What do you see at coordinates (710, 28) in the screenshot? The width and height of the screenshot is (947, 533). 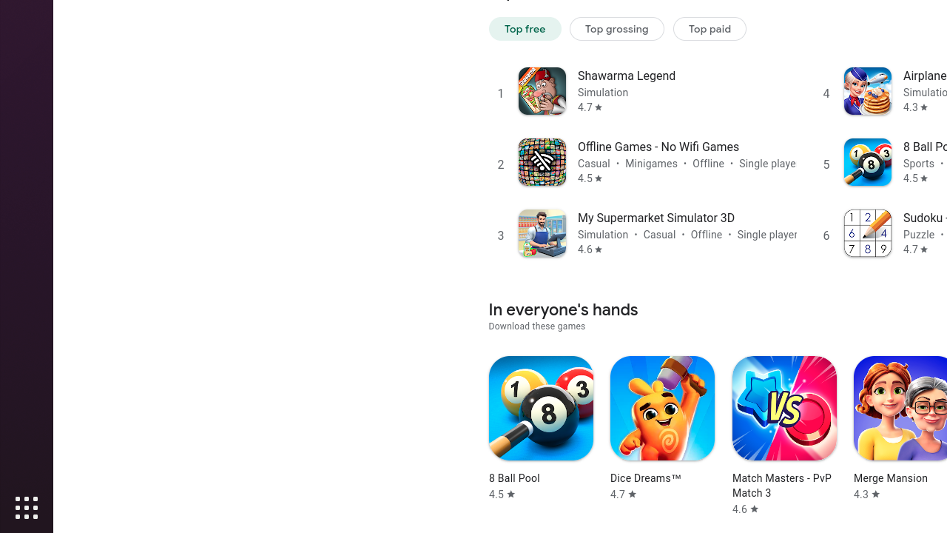 I see `'Top paid'` at bounding box center [710, 28].